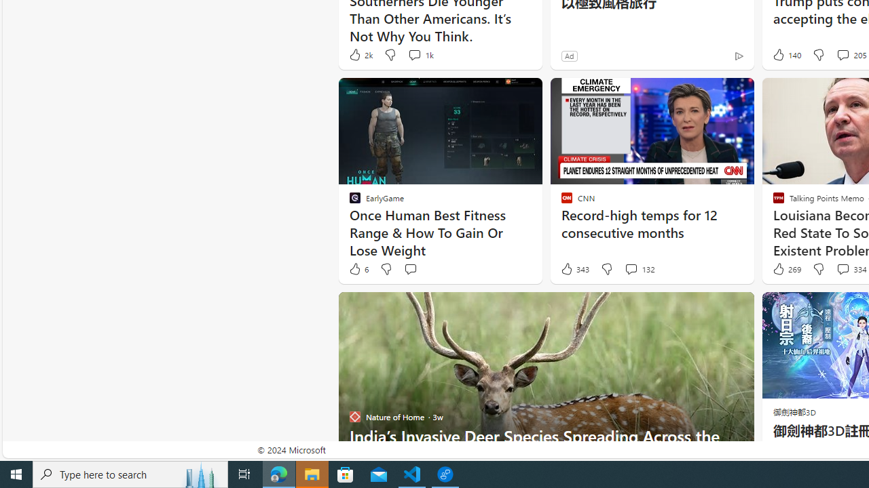 The height and width of the screenshot is (488, 869). I want to click on '2k Like', so click(360, 54).